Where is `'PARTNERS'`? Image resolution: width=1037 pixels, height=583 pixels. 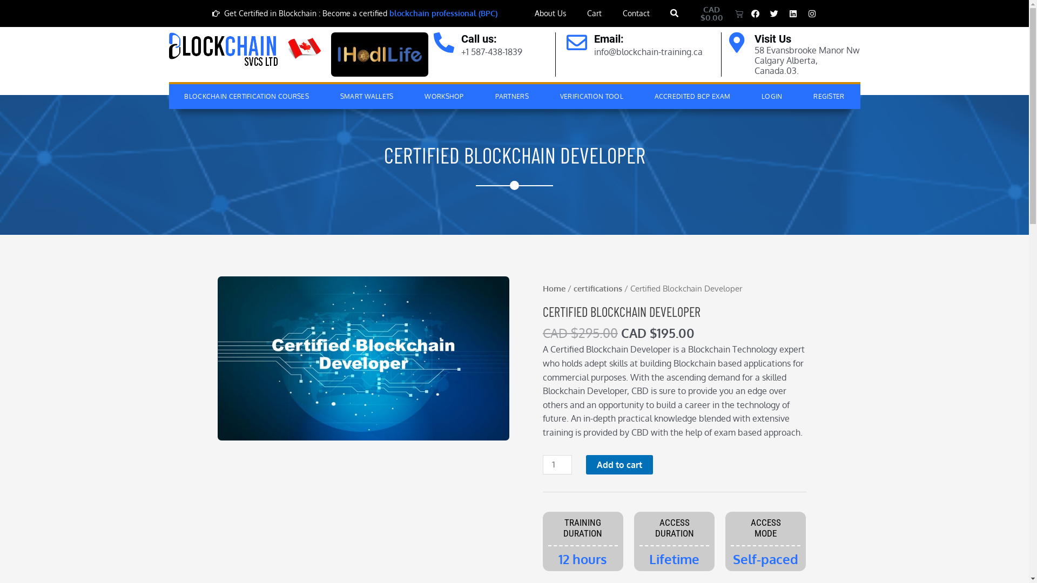 'PARTNERS' is located at coordinates (511, 96).